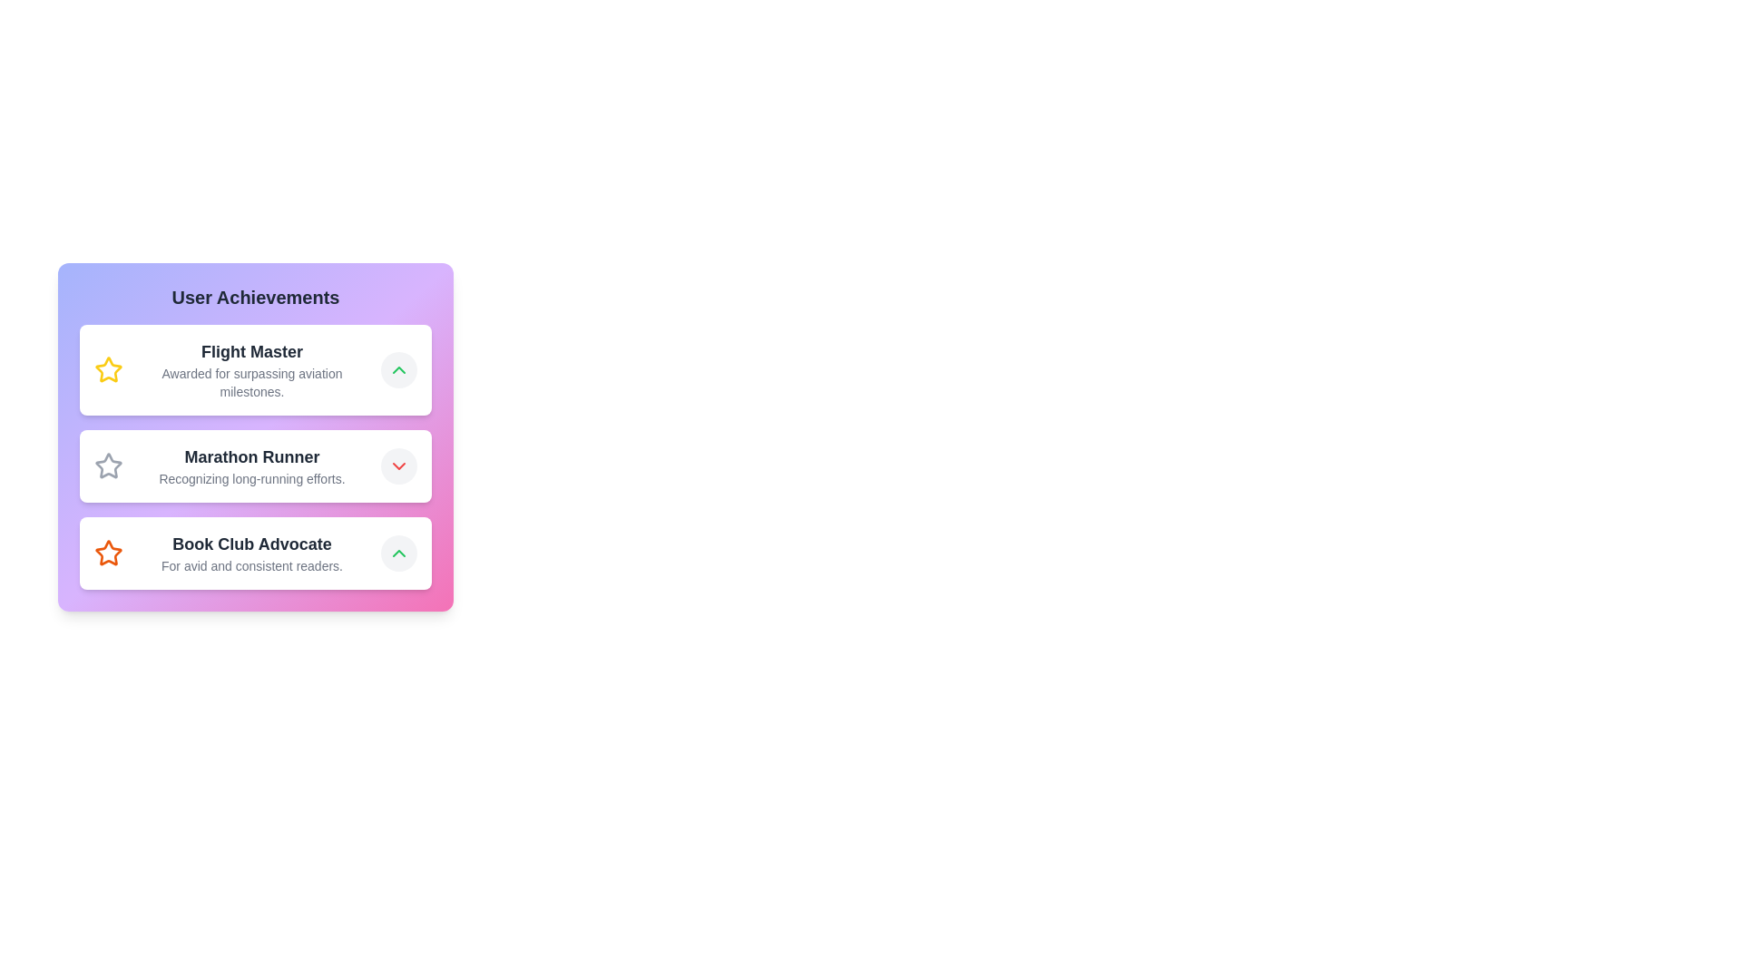  What do you see at coordinates (108, 465) in the screenshot?
I see `the star-shaped icon styled in light gray, located on the left side of the 'Book Club Advocate' list item` at bounding box center [108, 465].